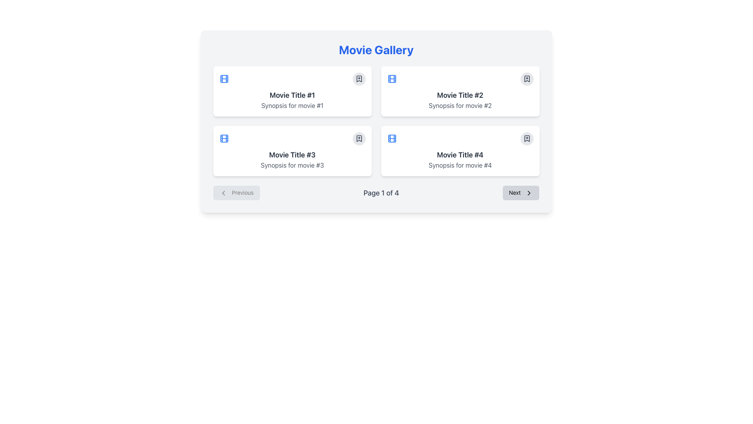 This screenshot has height=424, width=753. What do you see at coordinates (292, 91) in the screenshot?
I see `the first movie information card displaying 'Movie Title #1' and its synopsis in the top-left corner of the grid` at bounding box center [292, 91].